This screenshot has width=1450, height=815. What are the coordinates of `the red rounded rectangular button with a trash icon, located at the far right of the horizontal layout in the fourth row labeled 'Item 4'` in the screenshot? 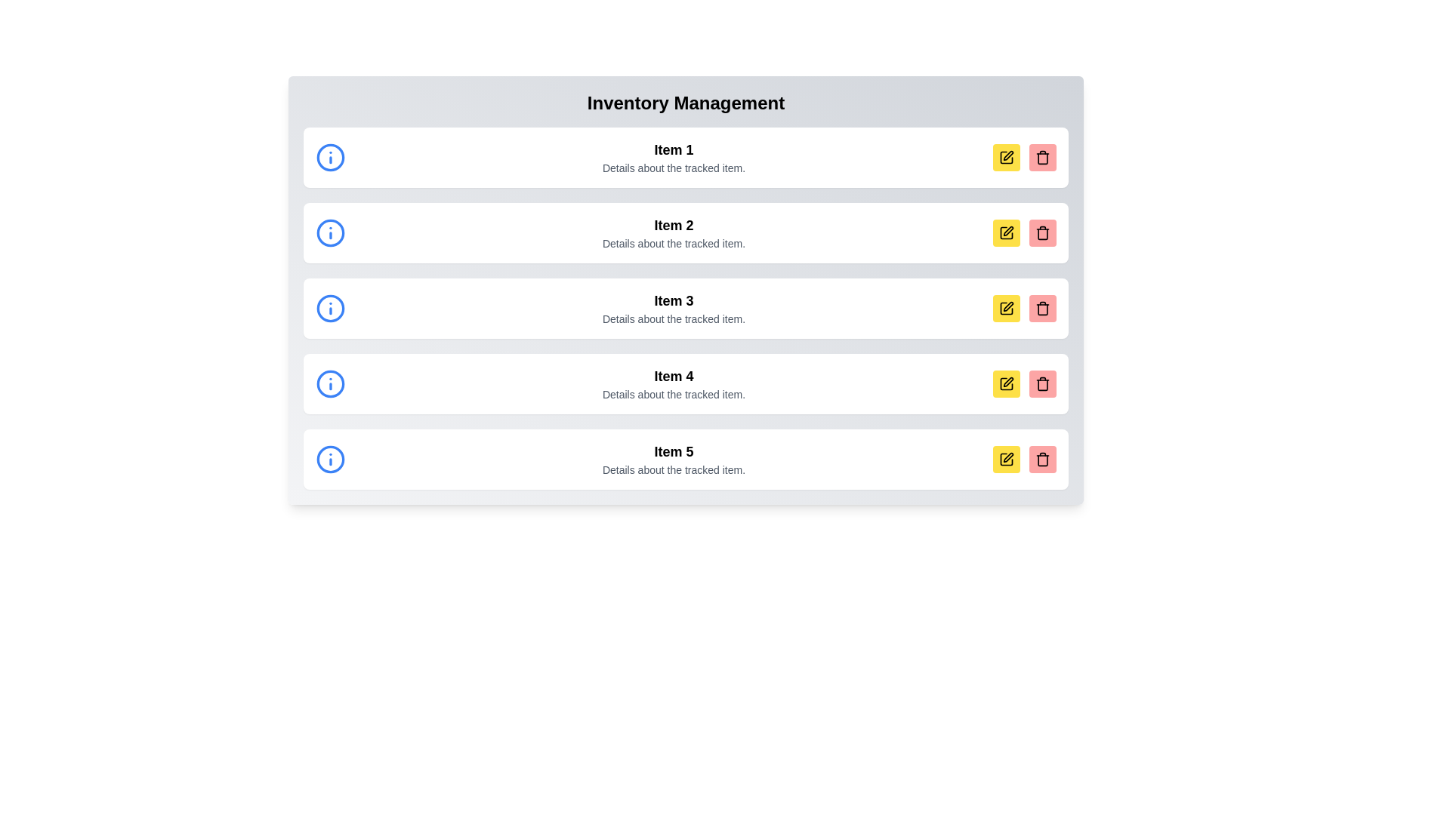 It's located at (1042, 383).